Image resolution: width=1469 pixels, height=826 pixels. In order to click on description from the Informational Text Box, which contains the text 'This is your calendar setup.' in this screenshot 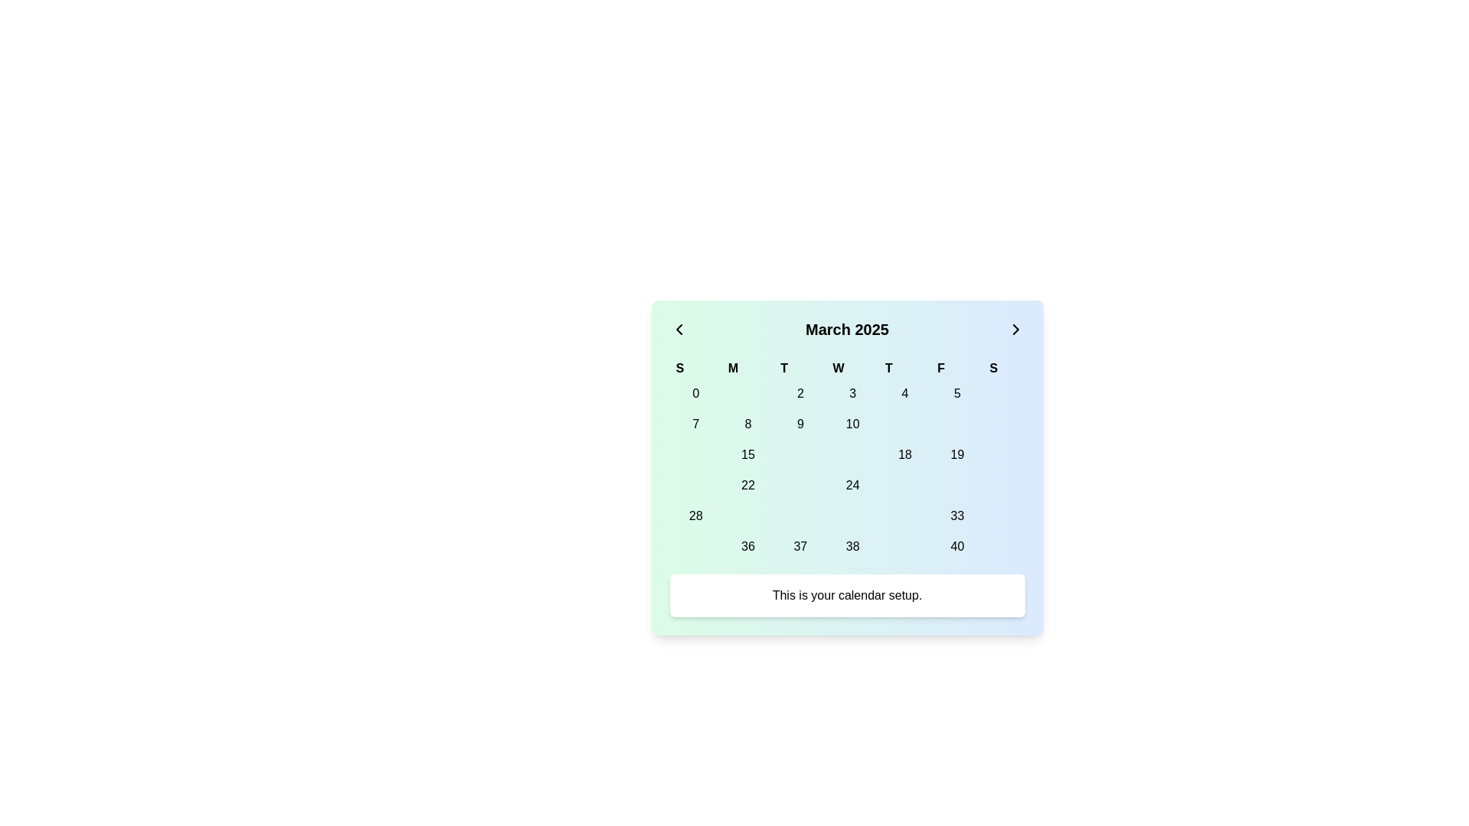, I will do `click(846, 595)`.